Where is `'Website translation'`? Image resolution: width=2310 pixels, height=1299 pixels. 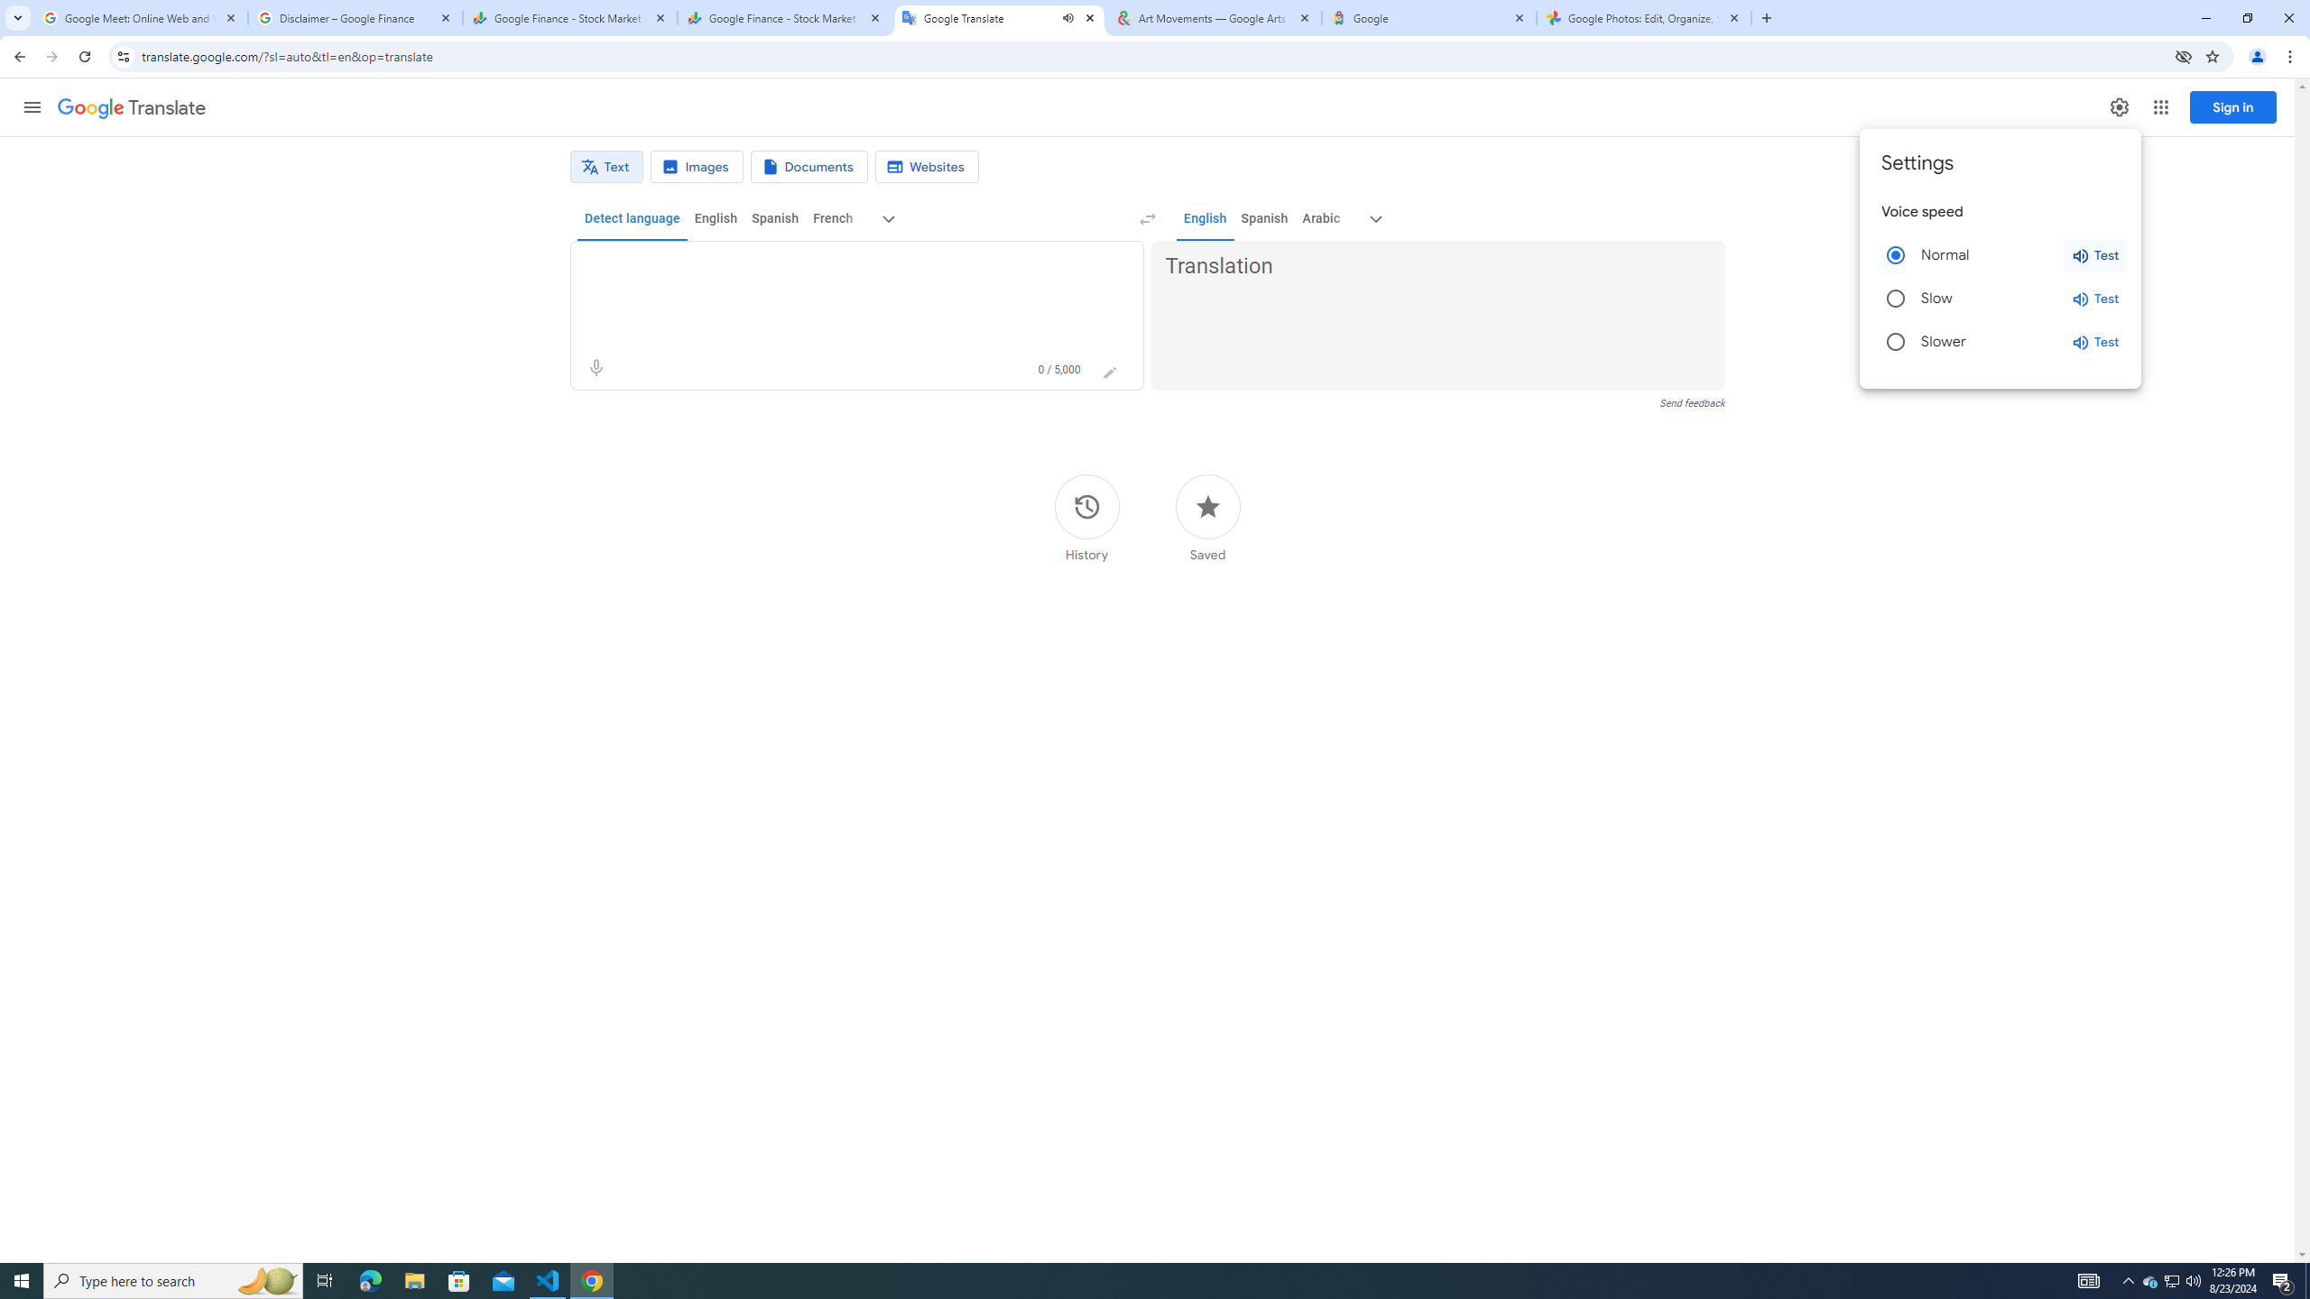
'Website translation' is located at coordinates (927, 166).